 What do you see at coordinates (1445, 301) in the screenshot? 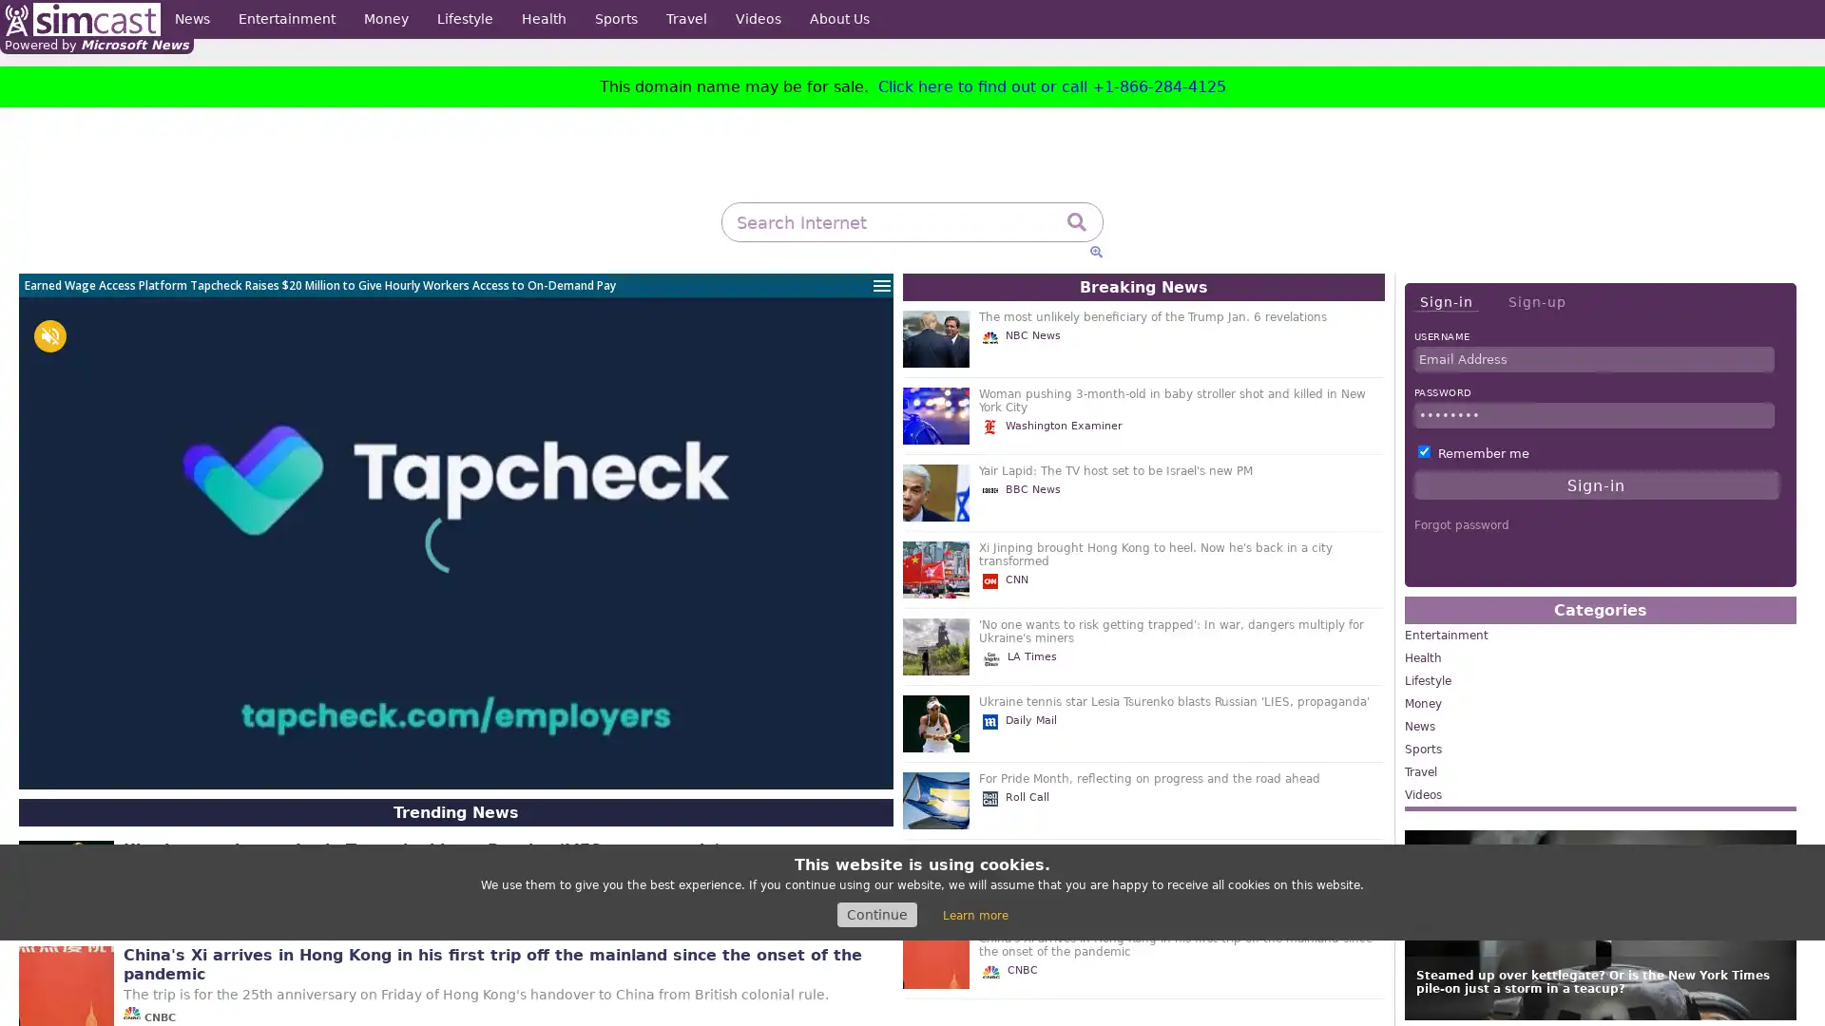
I see `Sign-in` at bounding box center [1445, 301].